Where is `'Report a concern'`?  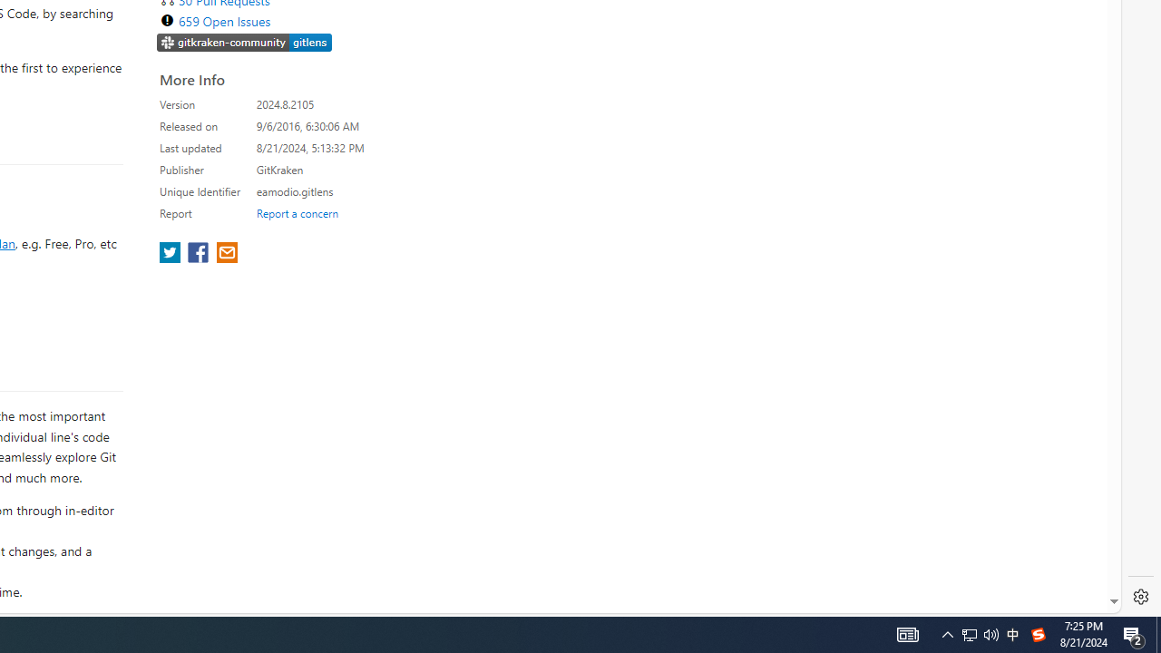 'Report a concern' is located at coordinates (297, 212).